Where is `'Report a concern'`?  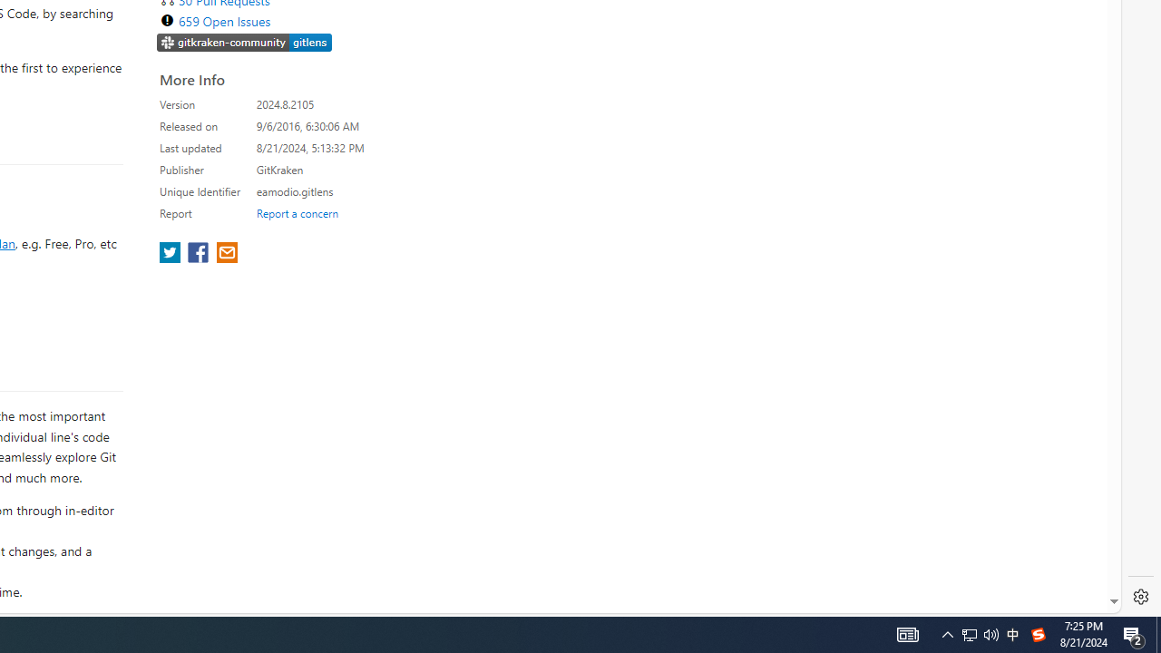 'Report a concern' is located at coordinates (297, 212).